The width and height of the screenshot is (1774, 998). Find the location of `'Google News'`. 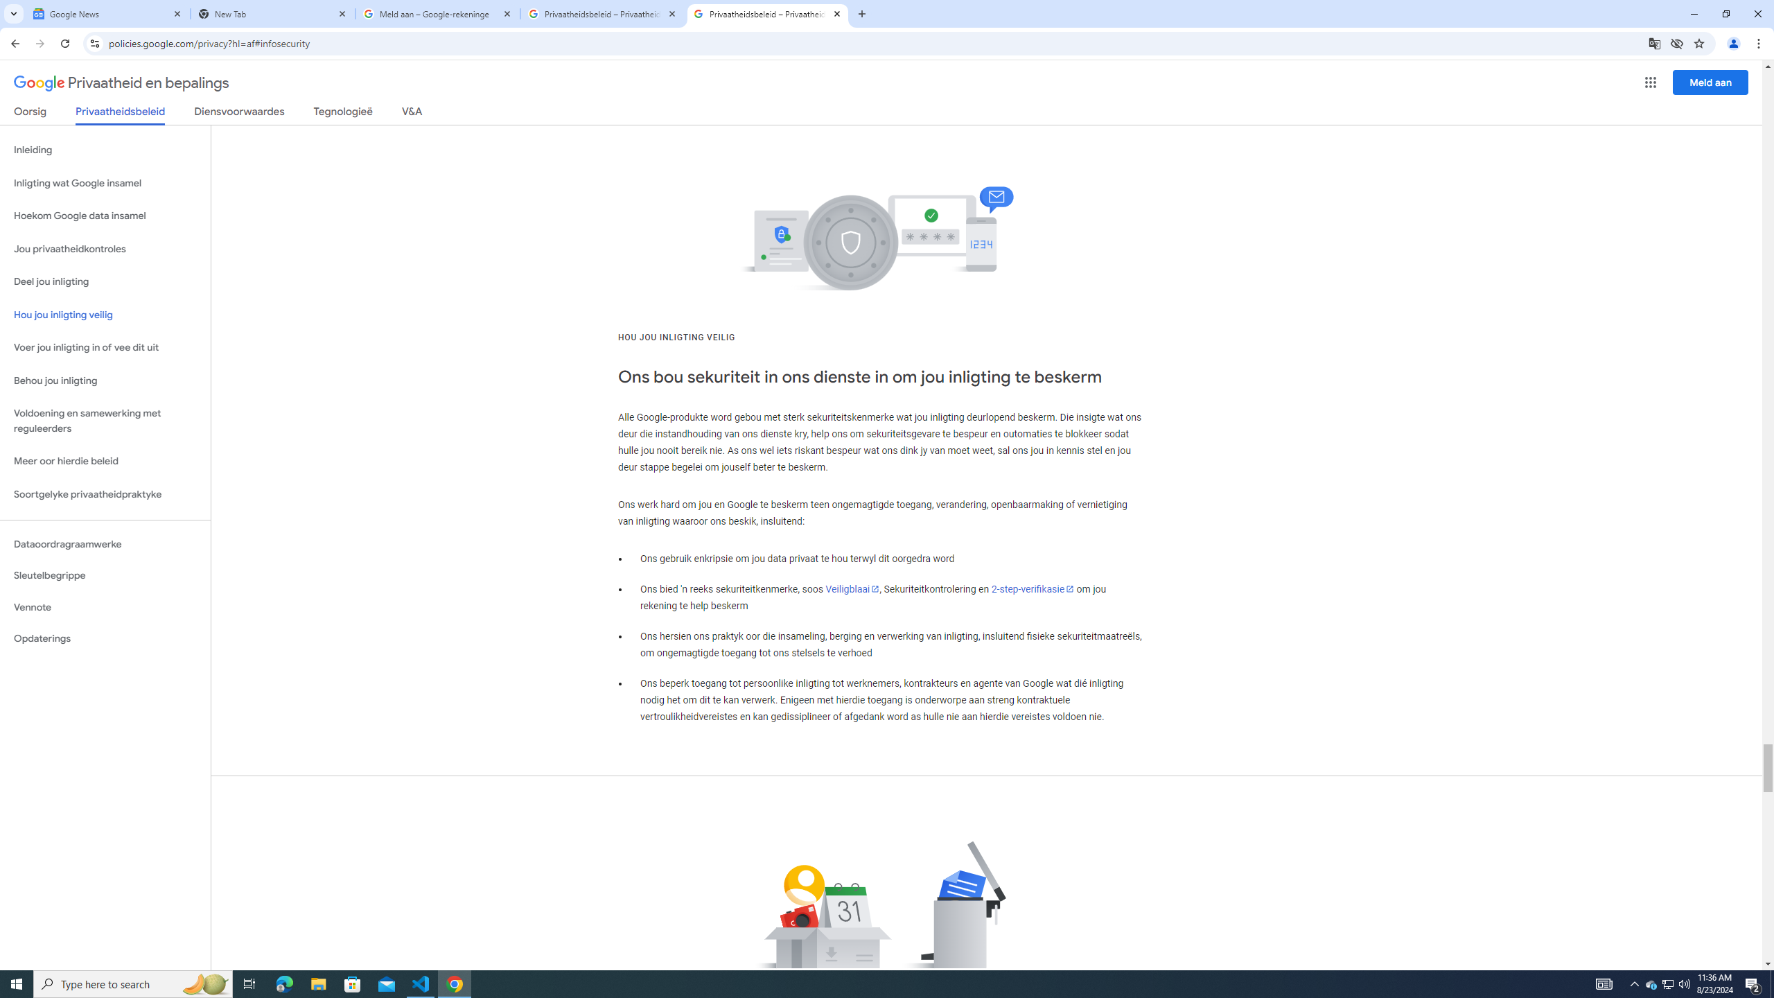

'Google News' is located at coordinates (107, 13).